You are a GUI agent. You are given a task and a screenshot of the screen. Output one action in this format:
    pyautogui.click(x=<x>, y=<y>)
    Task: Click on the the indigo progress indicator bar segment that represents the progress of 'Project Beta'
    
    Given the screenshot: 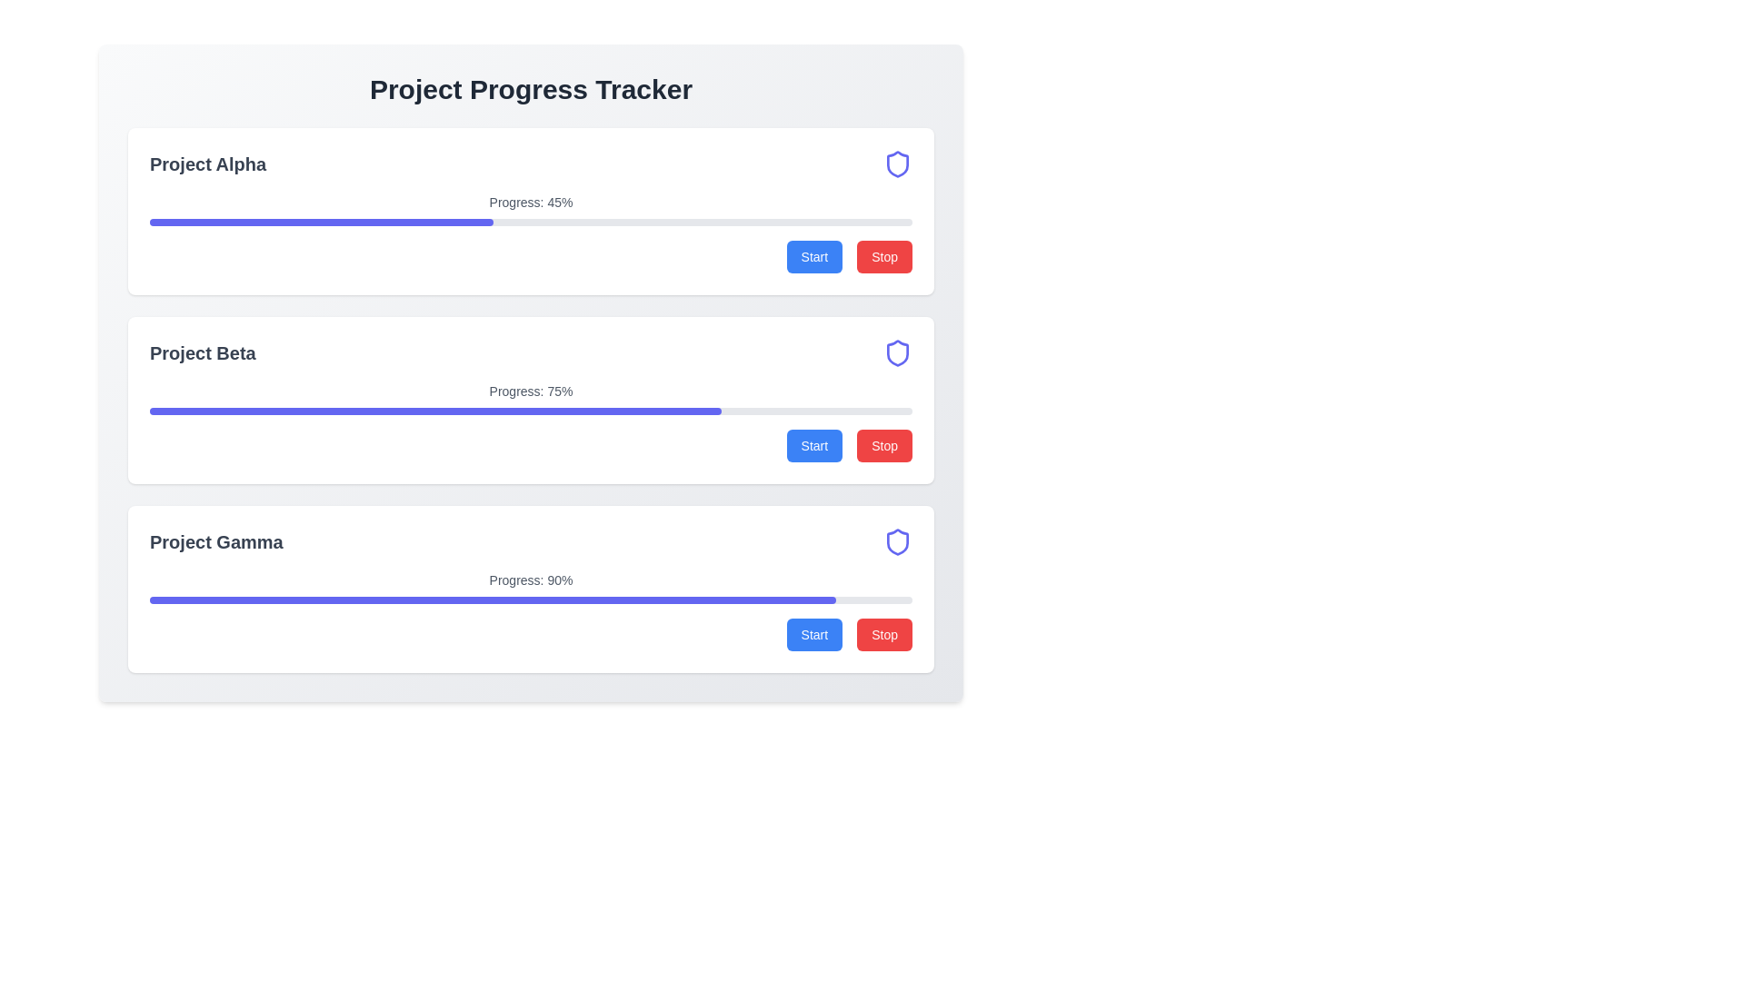 What is the action you would take?
    pyautogui.click(x=434, y=411)
    